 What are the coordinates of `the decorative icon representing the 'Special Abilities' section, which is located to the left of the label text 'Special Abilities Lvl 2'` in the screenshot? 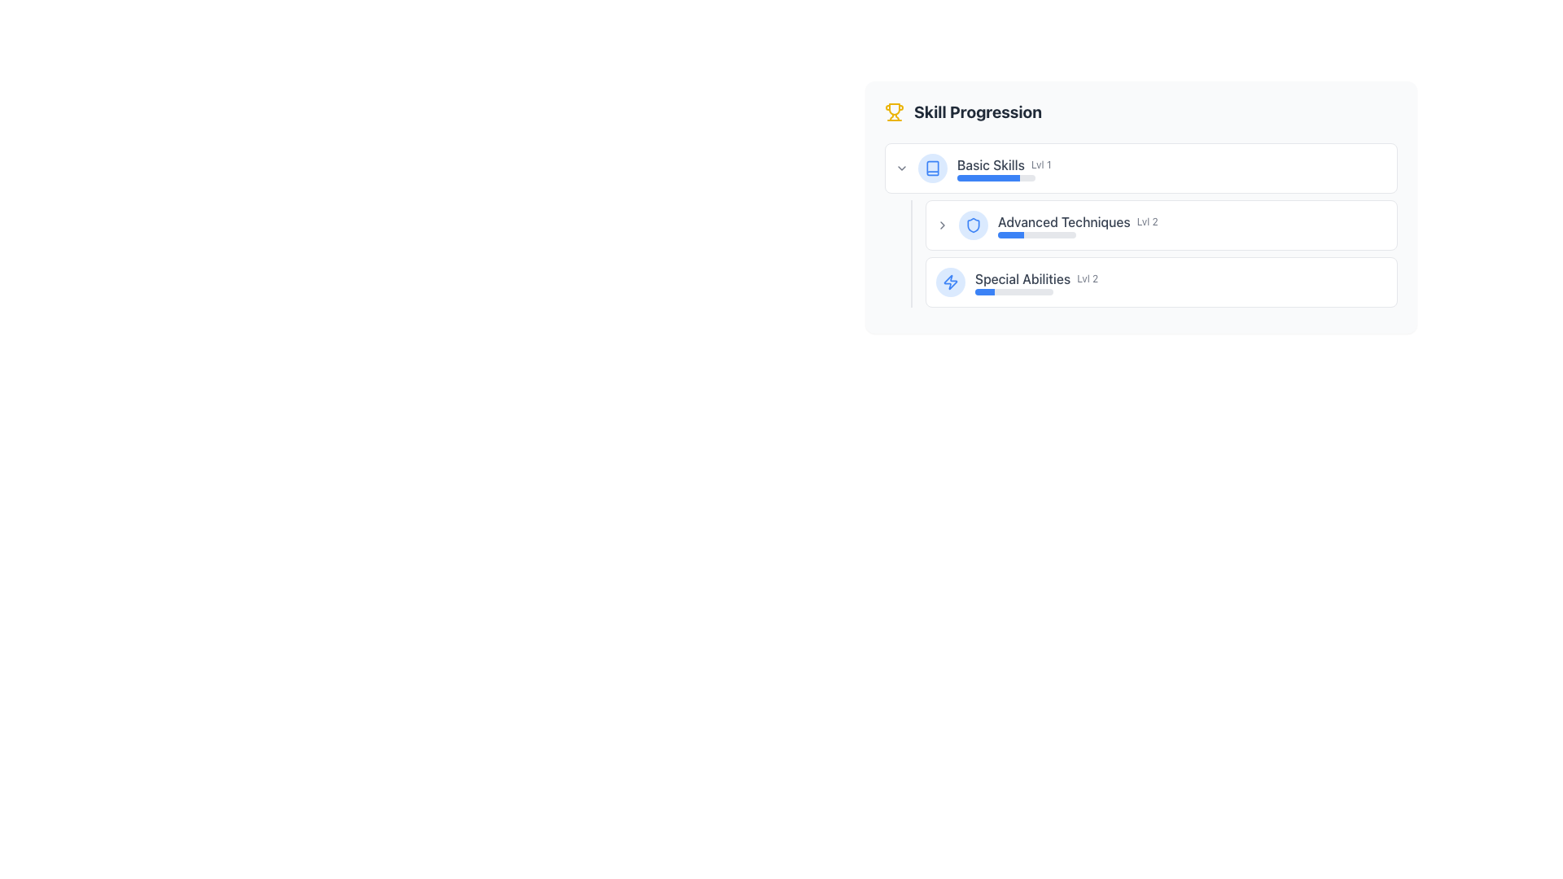 It's located at (950, 282).